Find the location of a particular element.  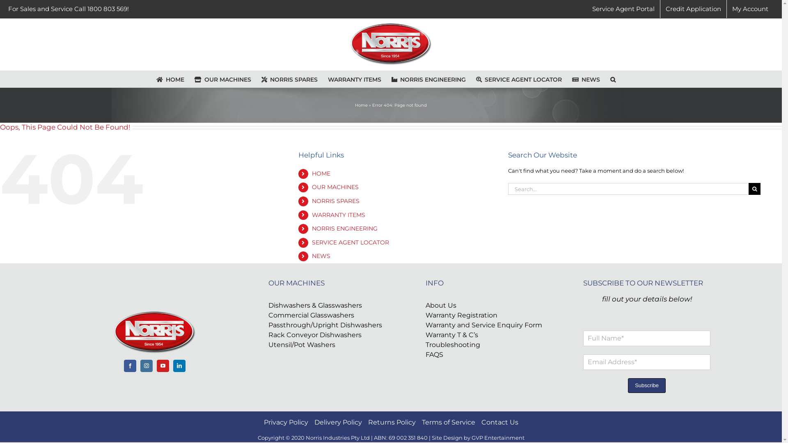

'footertransparentlogo' is located at coordinates (155, 332).